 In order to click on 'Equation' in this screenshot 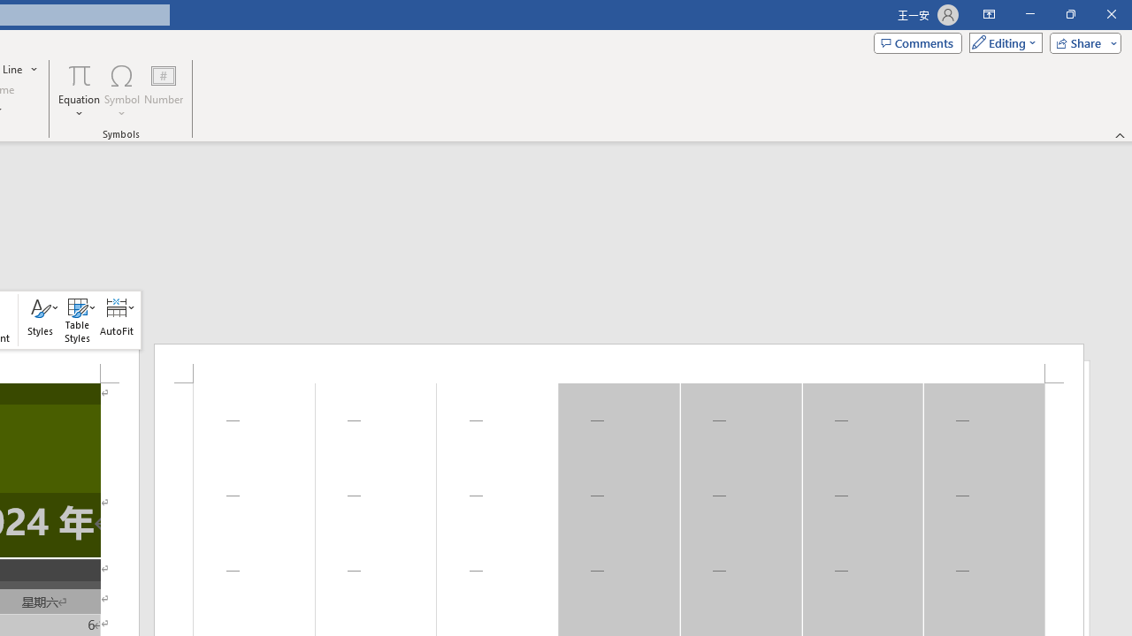, I will do `click(79, 74)`.